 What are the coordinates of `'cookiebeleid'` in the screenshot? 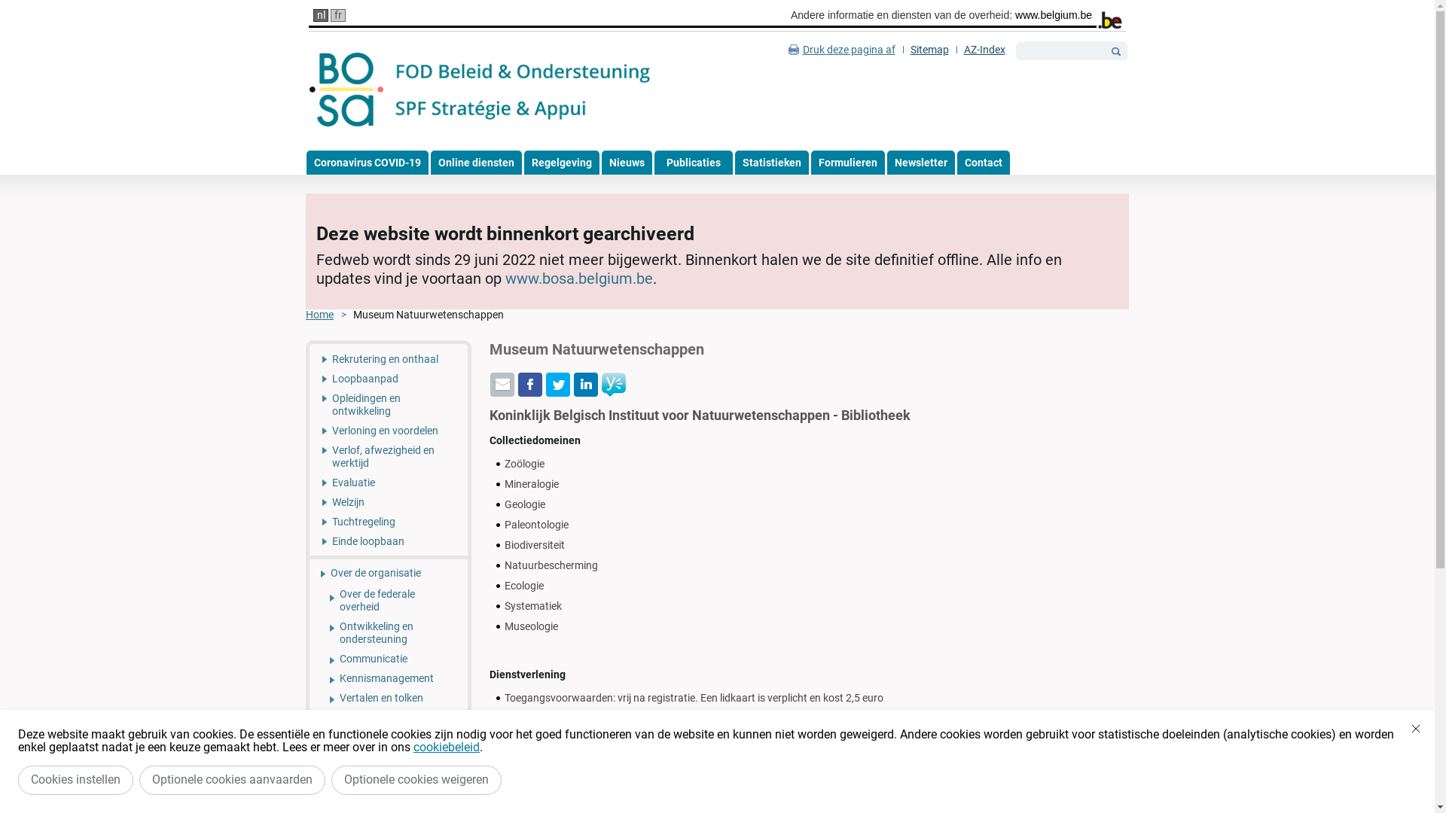 It's located at (446, 747).